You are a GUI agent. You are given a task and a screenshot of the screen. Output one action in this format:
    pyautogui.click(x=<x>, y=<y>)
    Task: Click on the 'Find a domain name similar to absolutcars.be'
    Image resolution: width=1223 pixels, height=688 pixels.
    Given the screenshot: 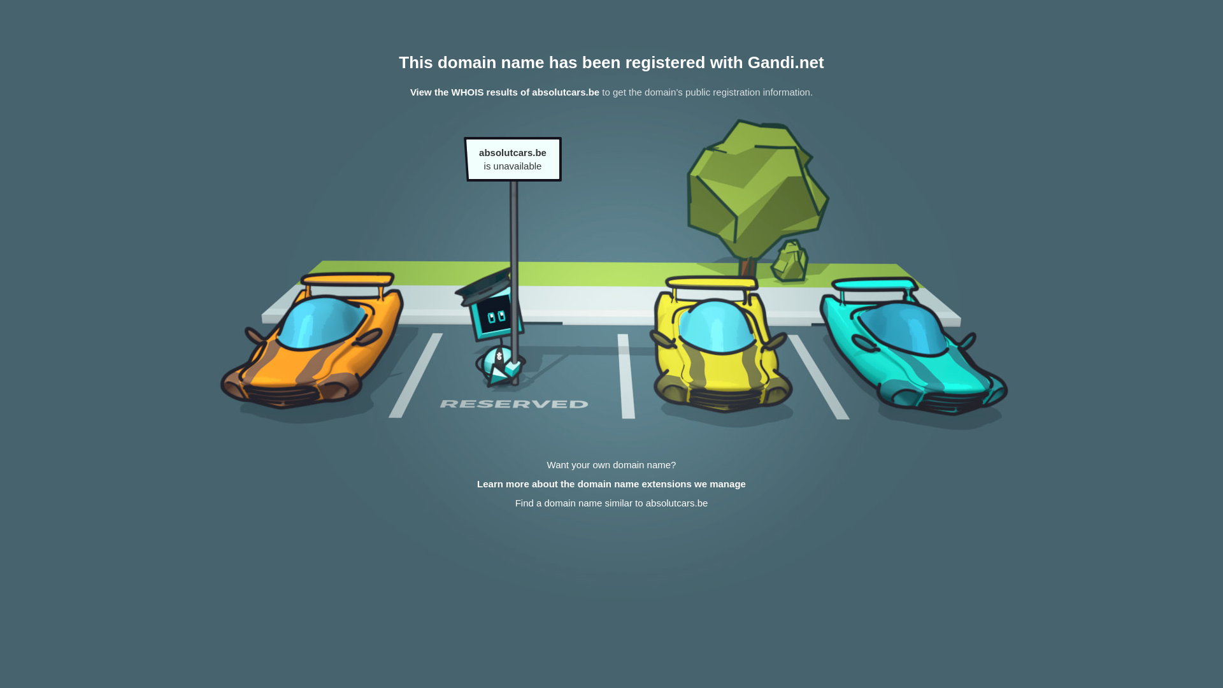 What is the action you would take?
    pyautogui.click(x=611, y=502)
    